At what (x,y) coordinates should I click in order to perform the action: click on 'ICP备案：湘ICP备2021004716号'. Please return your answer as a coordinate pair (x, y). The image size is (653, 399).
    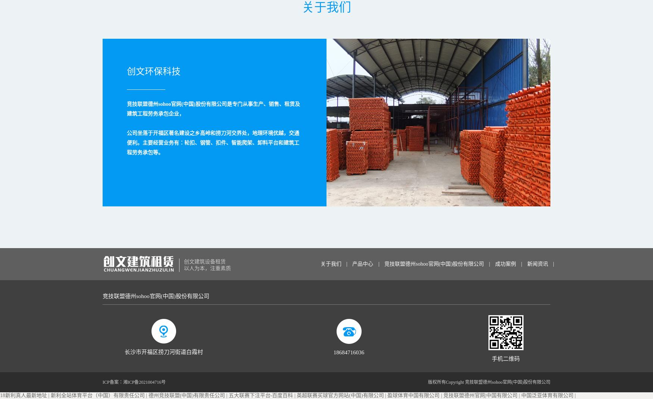
    Looking at the image, I should click on (134, 382).